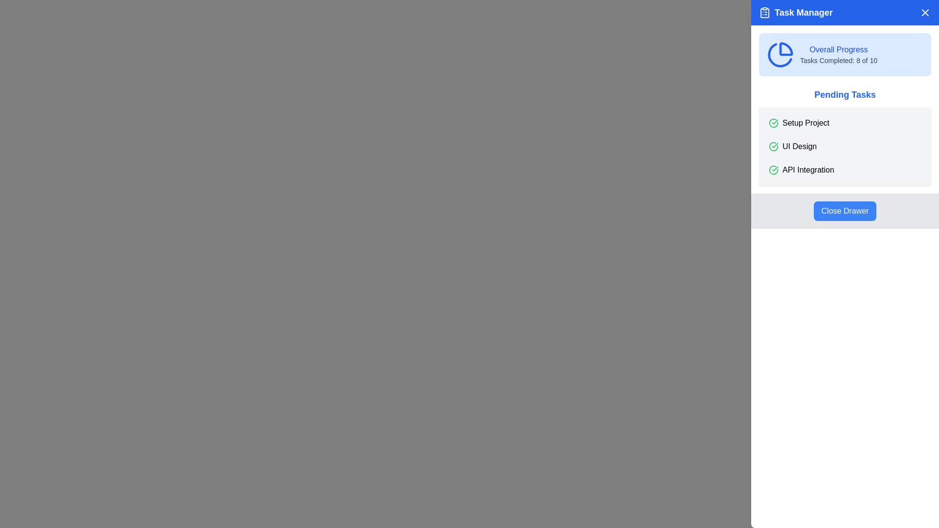 The image size is (939, 528). I want to click on the text block with accompanying icon located in the top-left corner of the header bar within the sidebar, so click(796, 13).